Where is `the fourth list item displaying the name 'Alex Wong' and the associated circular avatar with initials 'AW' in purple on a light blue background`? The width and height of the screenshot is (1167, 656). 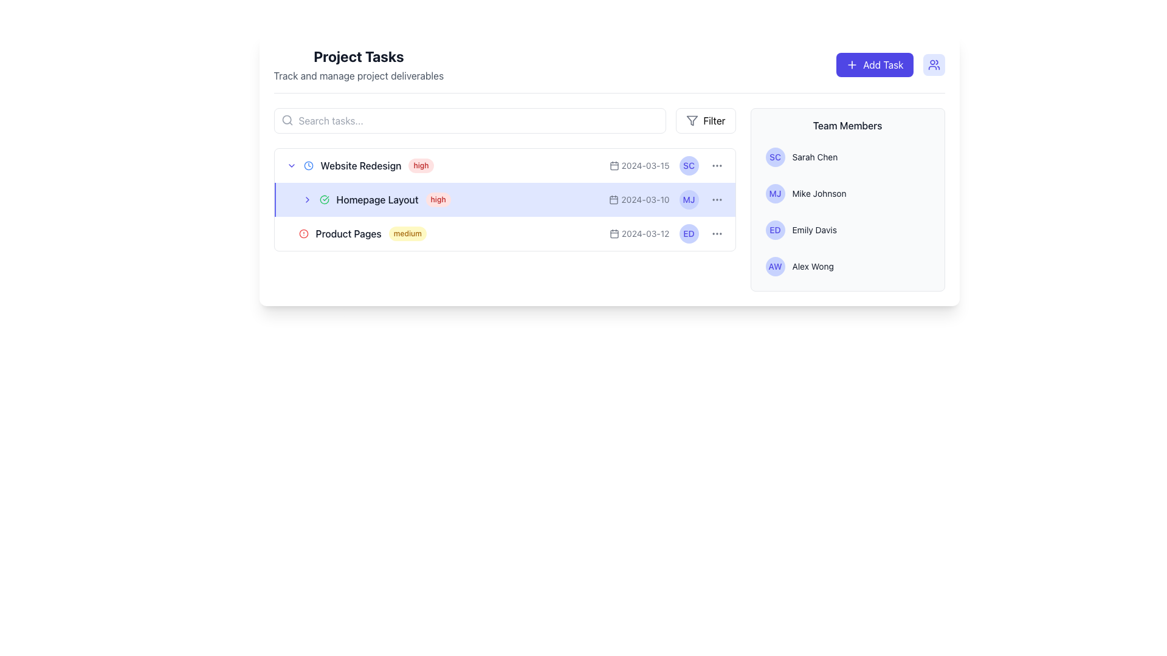 the fourth list item displaying the name 'Alex Wong' and the associated circular avatar with initials 'AW' in purple on a light blue background is located at coordinates (847, 266).